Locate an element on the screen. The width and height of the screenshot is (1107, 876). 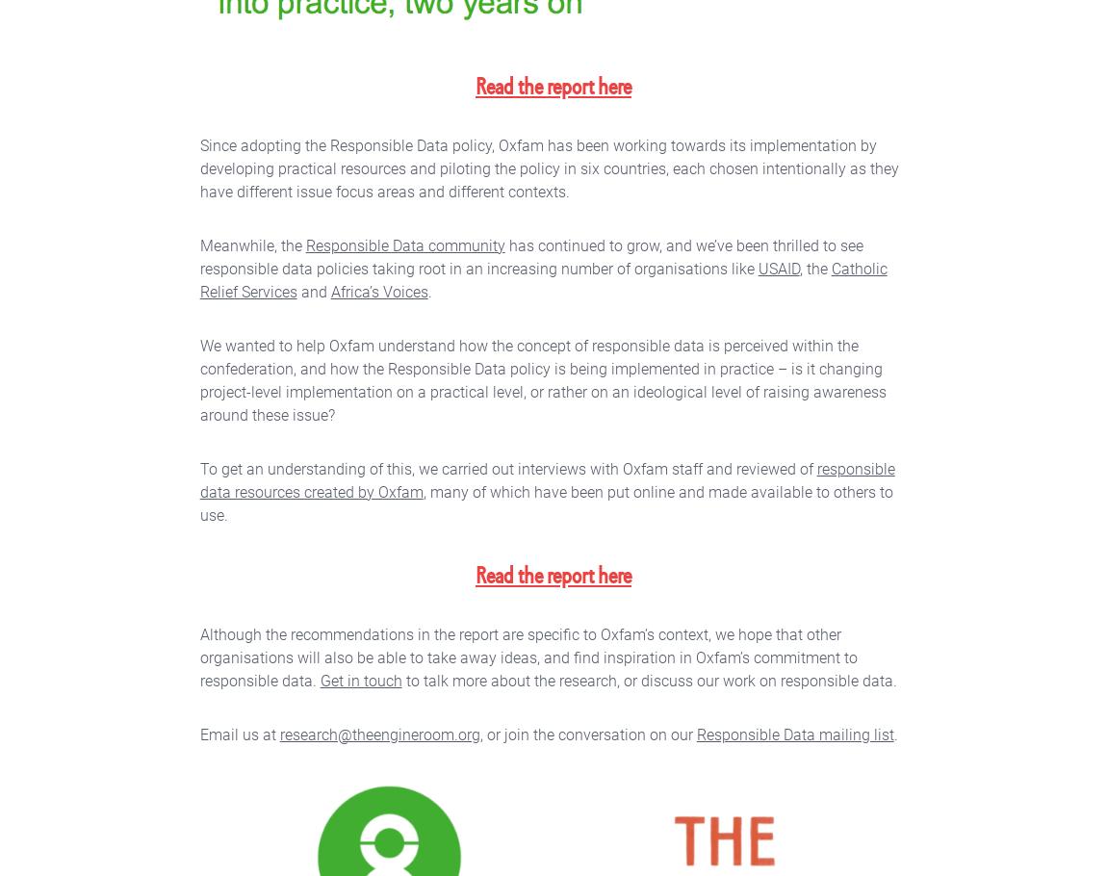
', many of which have been put online and made available to others to use.' is located at coordinates (198, 502).